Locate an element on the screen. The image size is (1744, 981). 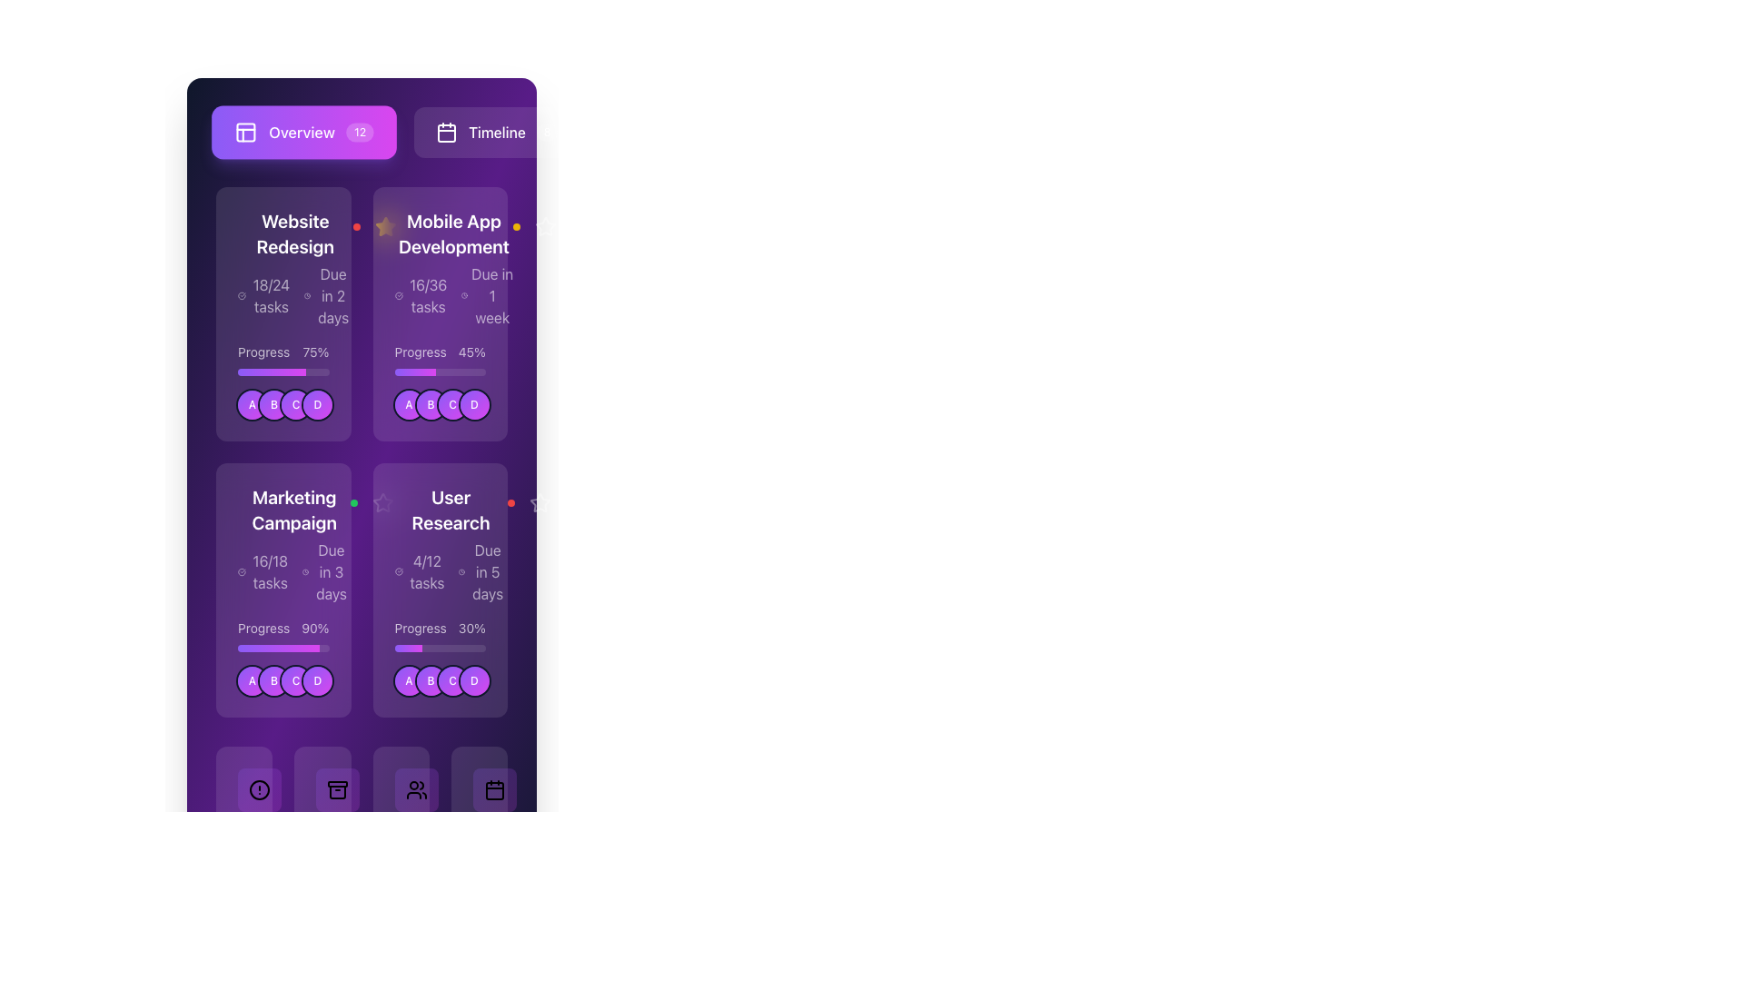
the second button from the left in the bottom navigation bar, which has a gradient background from violet to fuchsia and features an archive box icon is located at coordinates (338, 789).